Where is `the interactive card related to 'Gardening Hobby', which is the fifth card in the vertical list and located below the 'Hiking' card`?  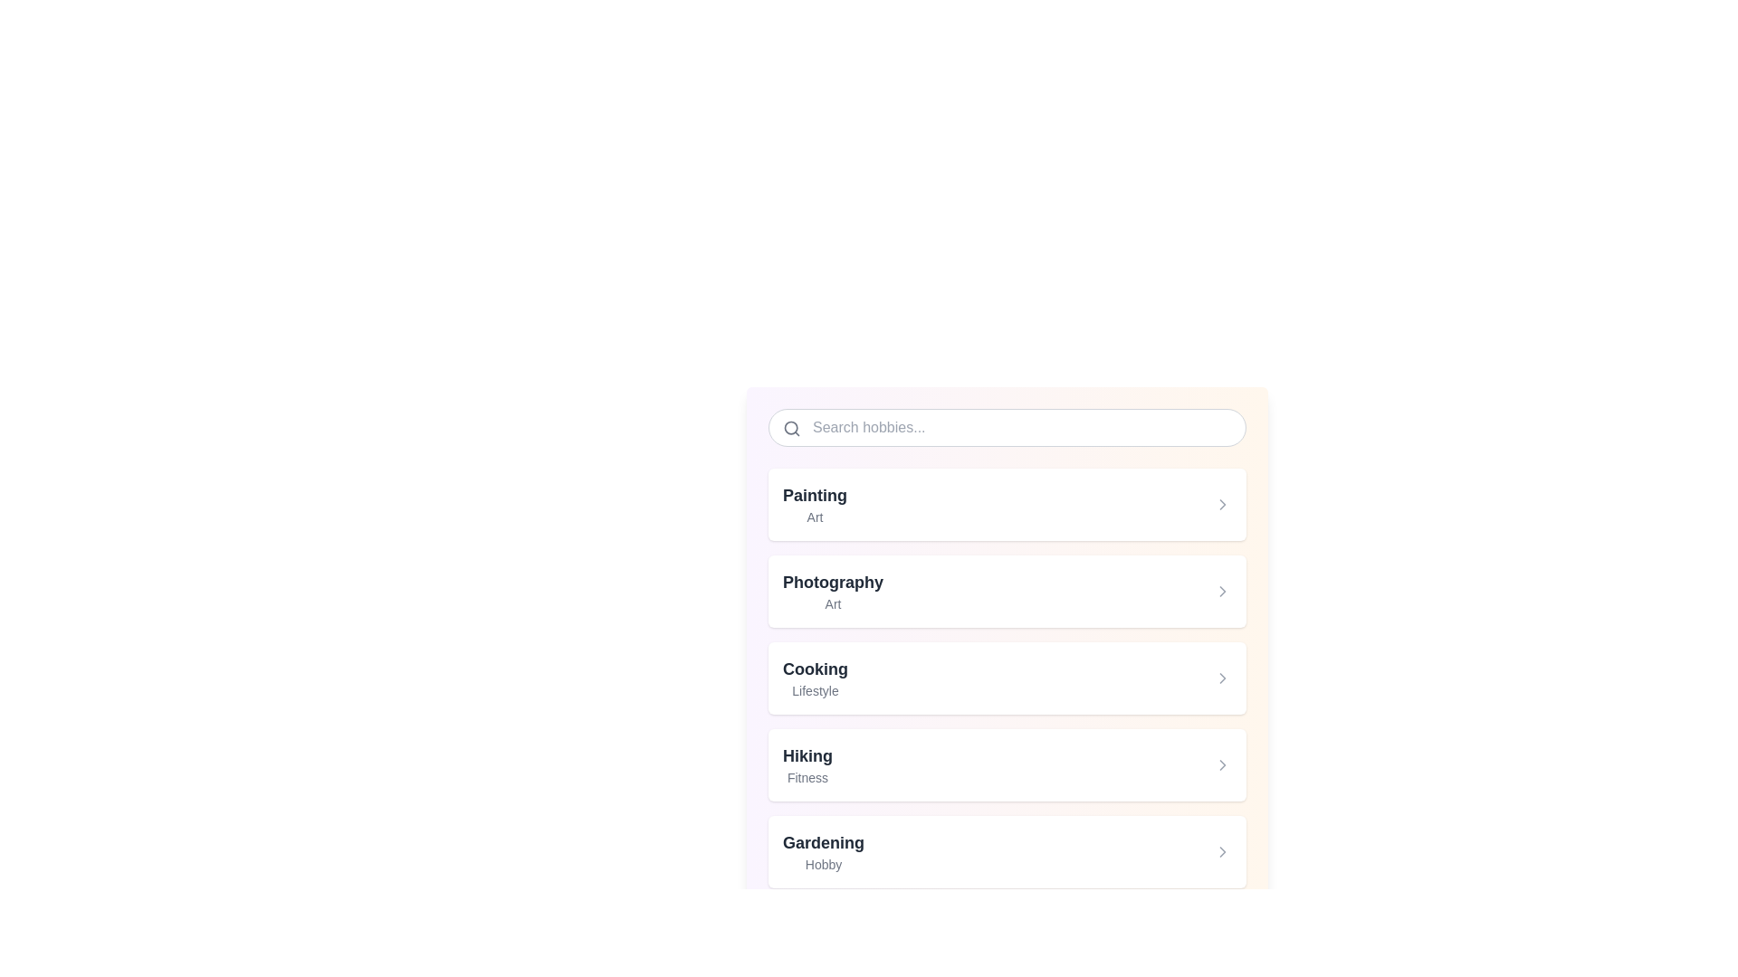 the interactive card related to 'Gardening Hobby', which is the fifth card in the vertical list and located below the 'Hiking' card is located at coordinates (1007, 851).